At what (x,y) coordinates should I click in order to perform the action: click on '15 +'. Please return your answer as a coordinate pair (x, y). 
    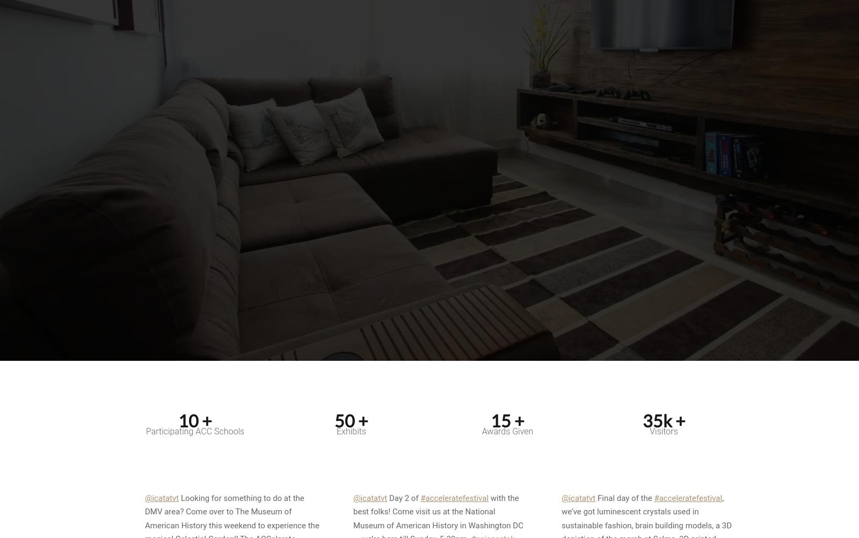
    Looking at the image, I should click on (507, 419).